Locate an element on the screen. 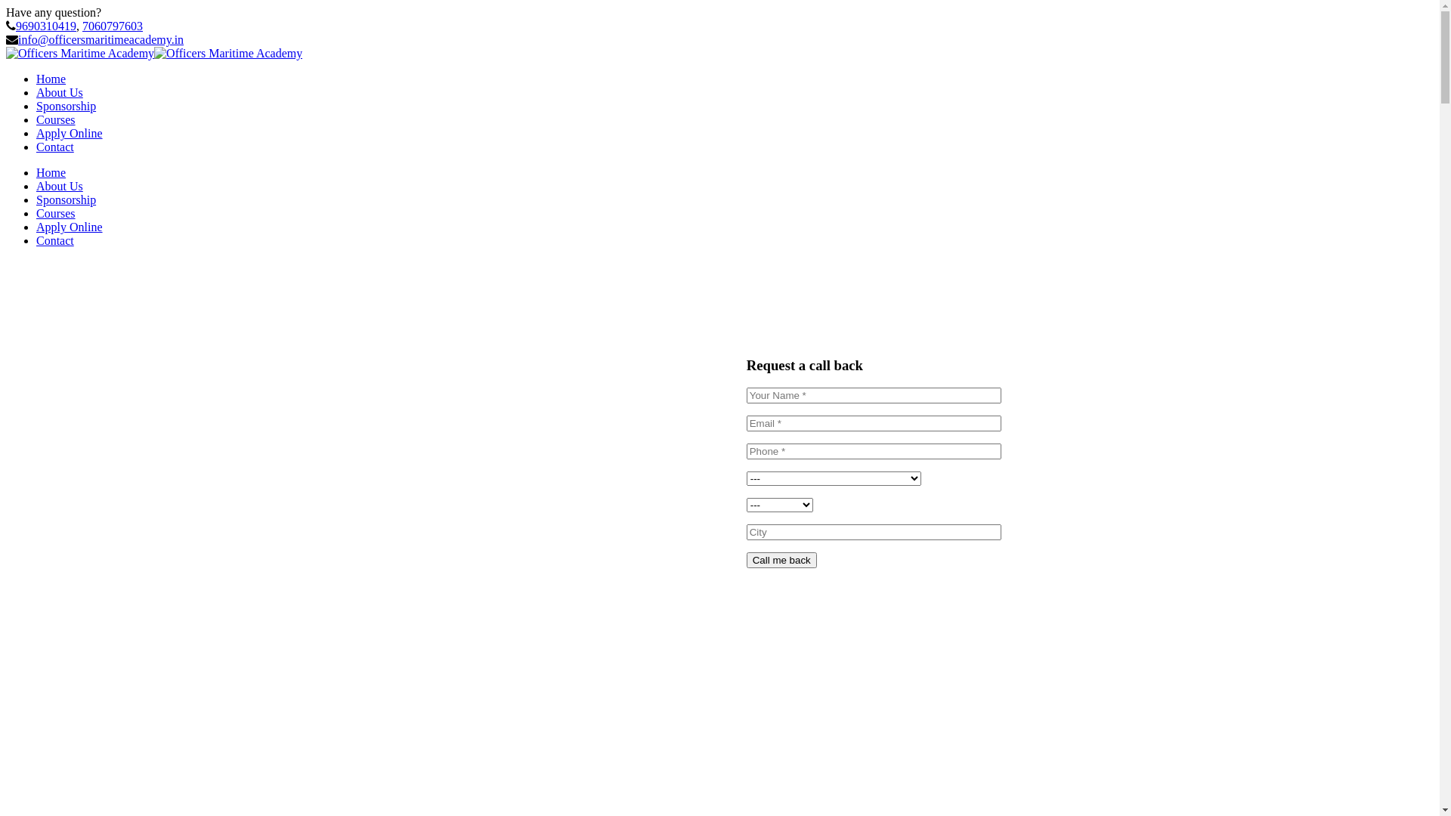 The image size is (1451, 816). 'About Us' is located at coordinates (59, 185).